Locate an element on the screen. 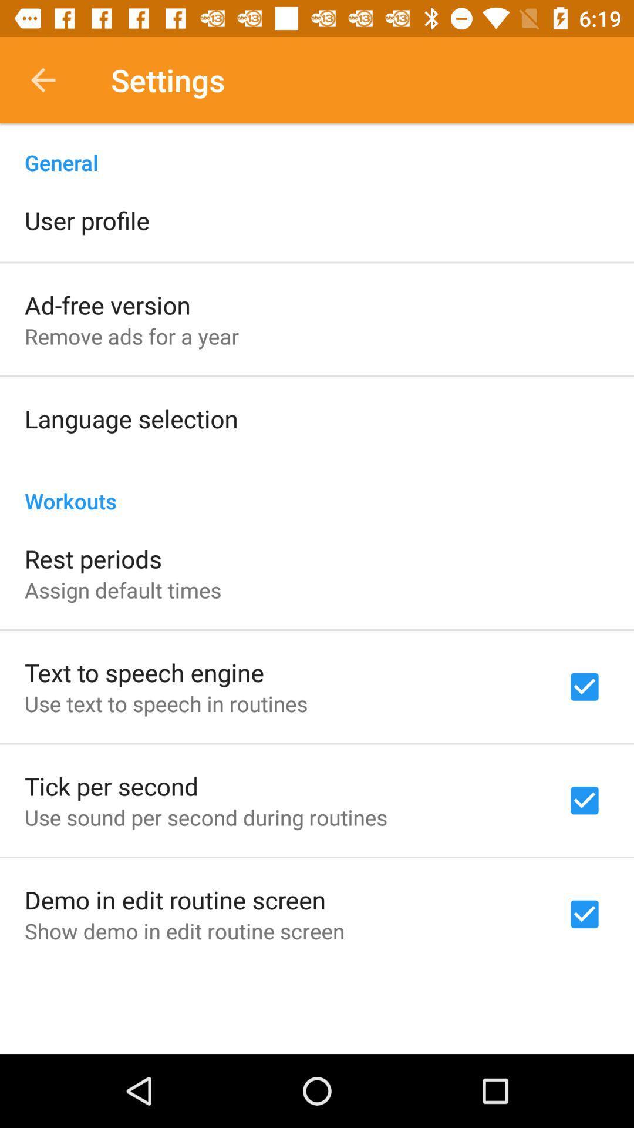 The height and width of the screenshot is (1128, 634). item to the left of the settings is located at coordinates (42, 79).